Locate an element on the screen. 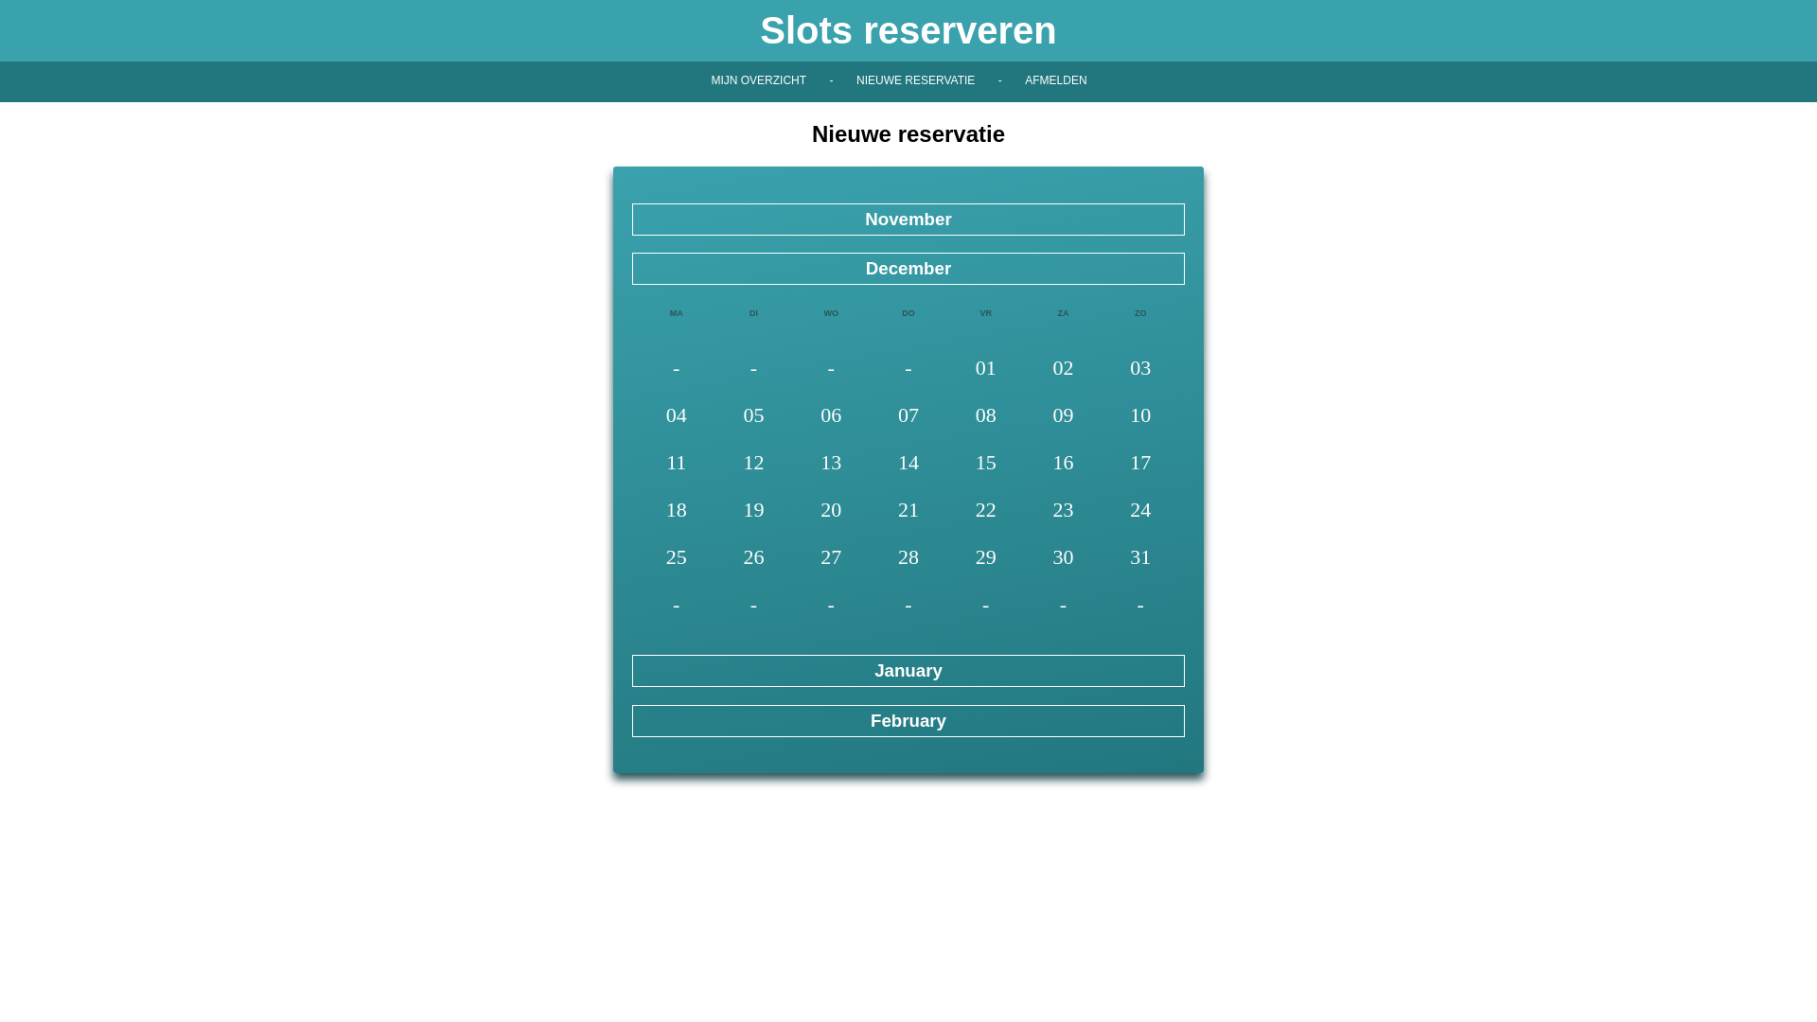 This screenshot has height=1022, width=1817. '15' is located at coordinates (984, 464).